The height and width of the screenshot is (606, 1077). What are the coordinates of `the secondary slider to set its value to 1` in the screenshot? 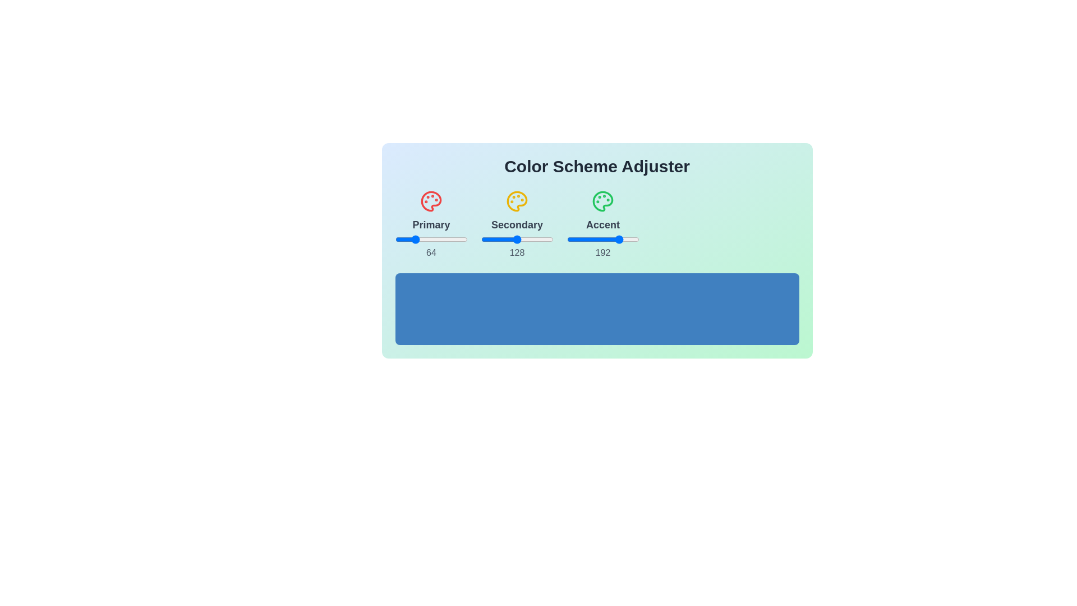 It's located at (481, 239).